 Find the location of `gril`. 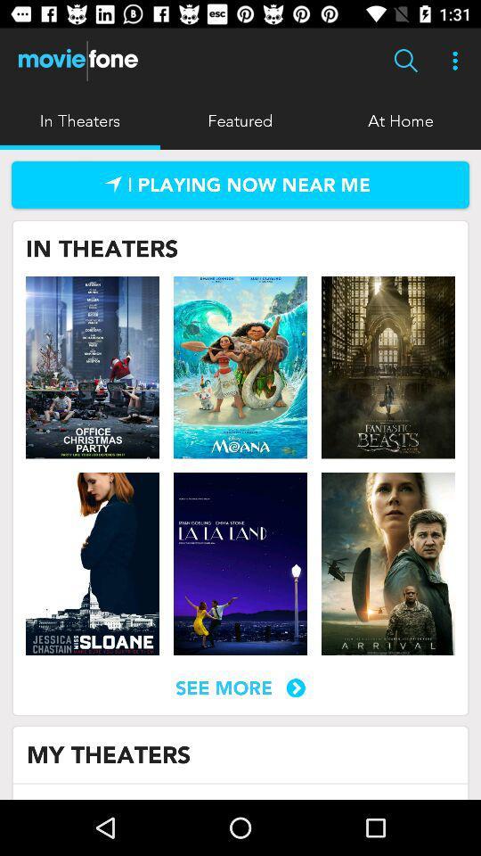

gril is located at coordinates (93, 563).